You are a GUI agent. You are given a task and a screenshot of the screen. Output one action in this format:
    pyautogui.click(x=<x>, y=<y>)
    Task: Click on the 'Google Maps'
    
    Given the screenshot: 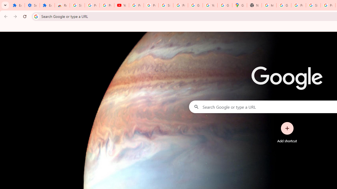 What is the action you would take?
    pyautogui.click(x=239, y=5)
    